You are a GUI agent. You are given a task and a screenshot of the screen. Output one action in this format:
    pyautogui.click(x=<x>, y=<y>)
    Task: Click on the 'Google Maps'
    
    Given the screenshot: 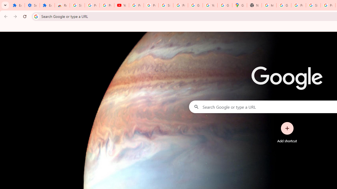 What is the action you would take?
    pyautogui.click(x=239, y=5)
    